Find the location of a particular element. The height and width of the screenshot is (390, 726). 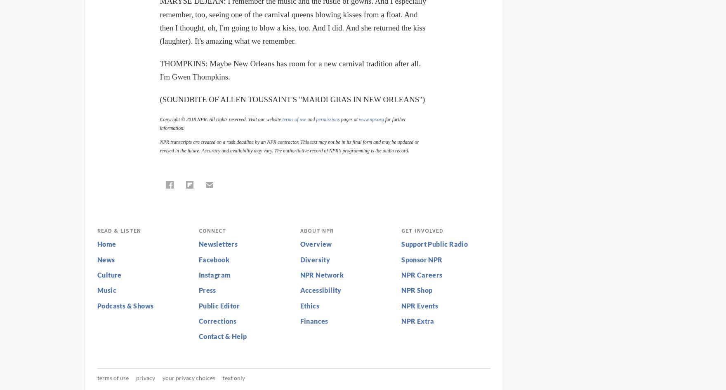

'Get Involved' is located at coordinates (422, 230).